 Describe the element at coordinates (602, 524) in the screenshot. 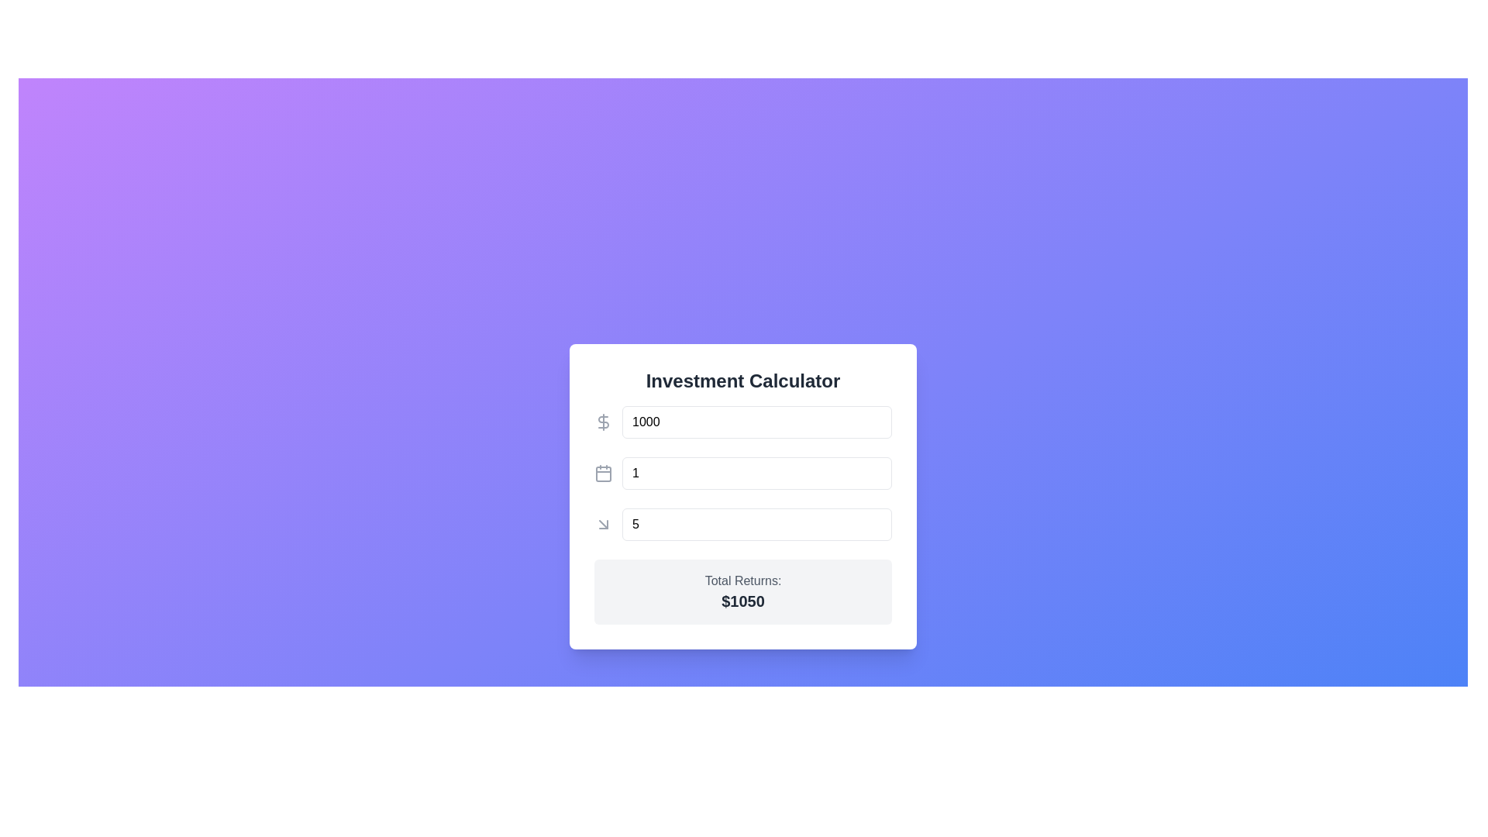

I see `the icon located next to the third data input field, which serves as a visual indicator for opening or expanding a dropdown menu` at that location.